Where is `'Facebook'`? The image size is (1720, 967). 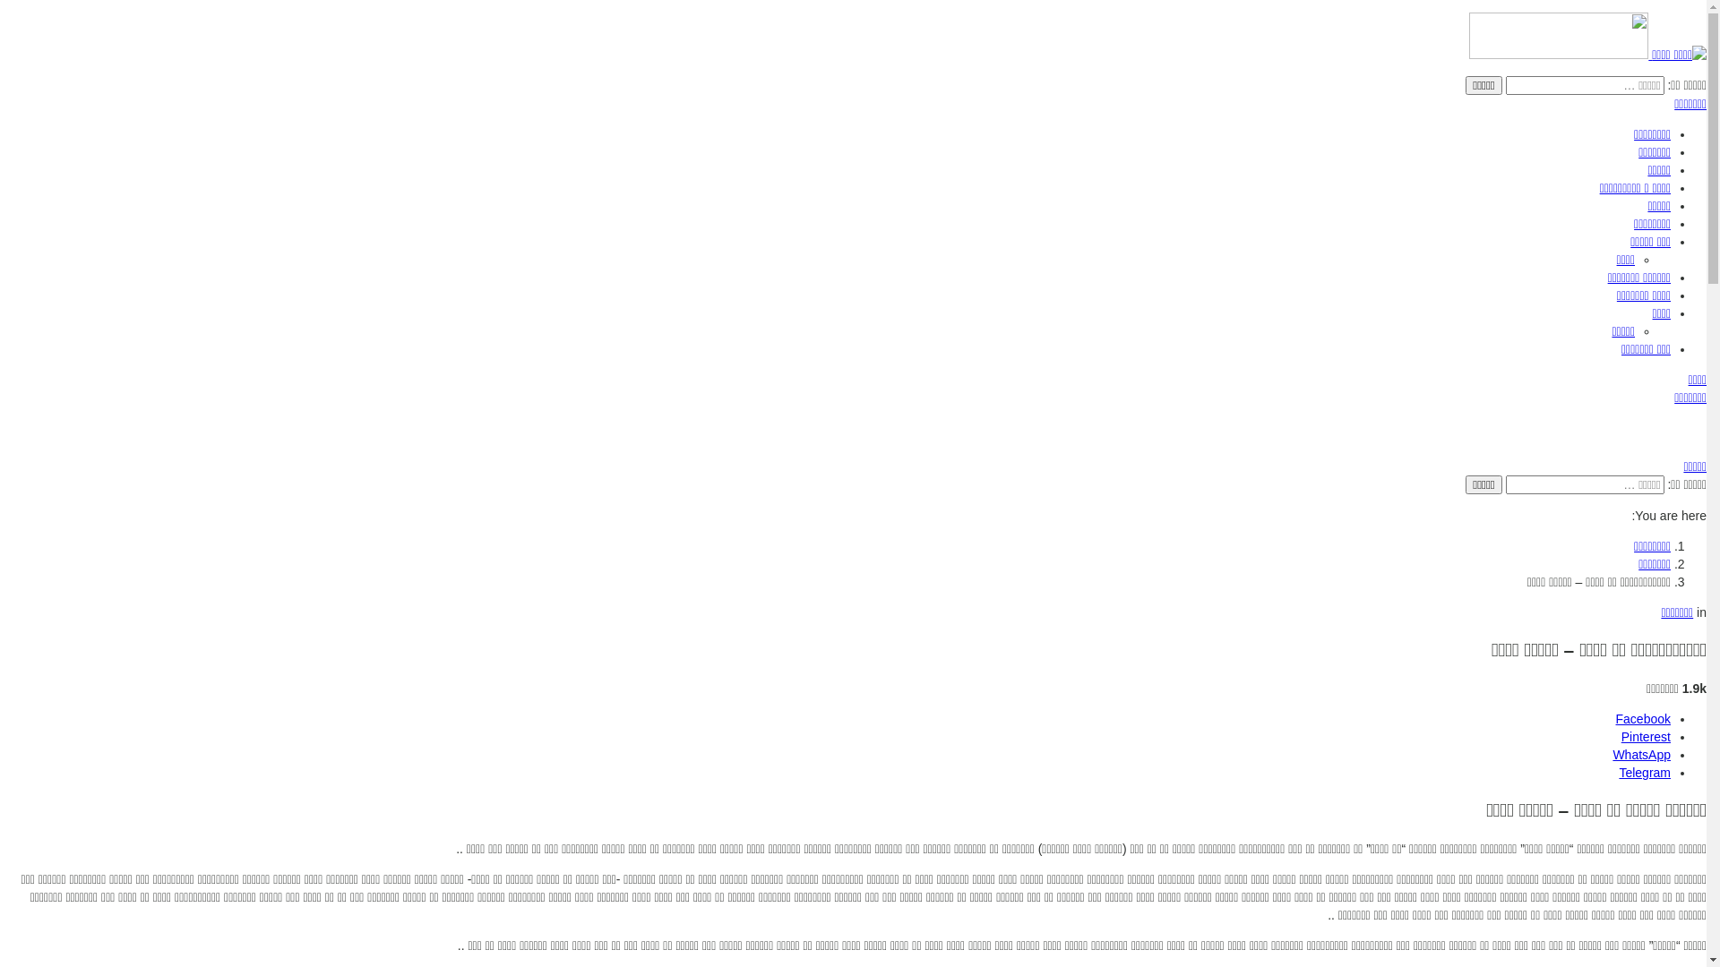
'Facebook' is located at coordinates (1643, 717).